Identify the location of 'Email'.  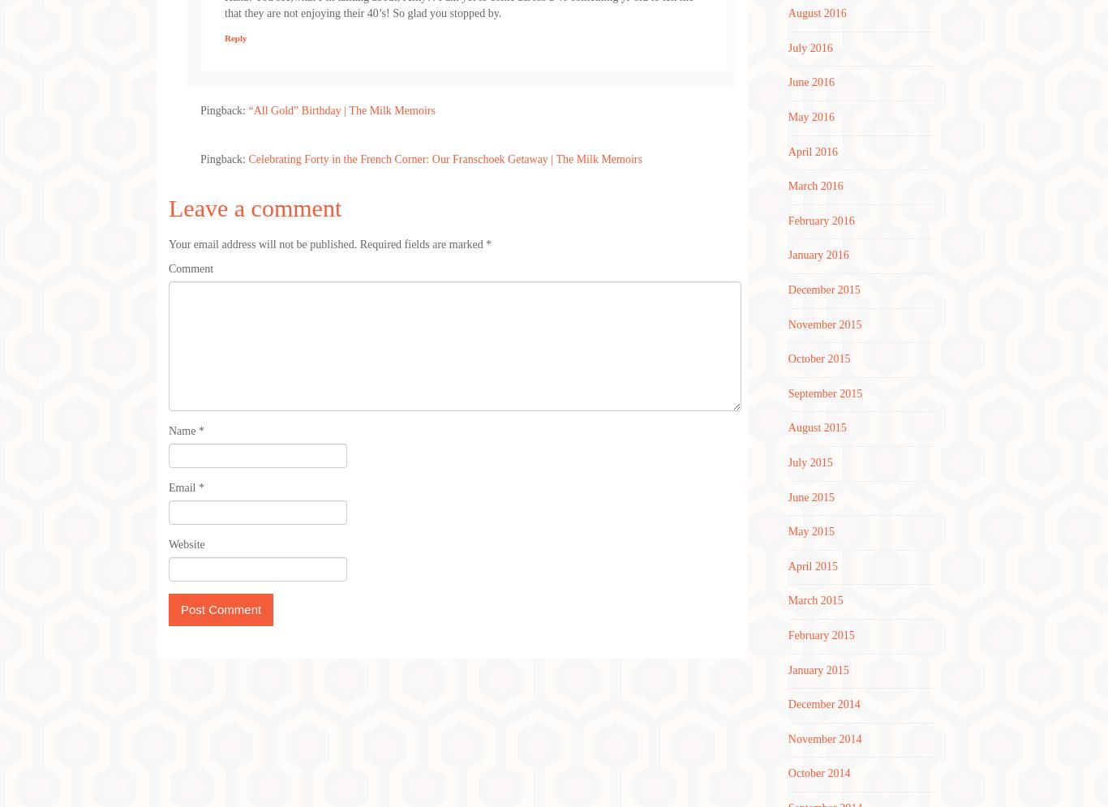
(168, 487).